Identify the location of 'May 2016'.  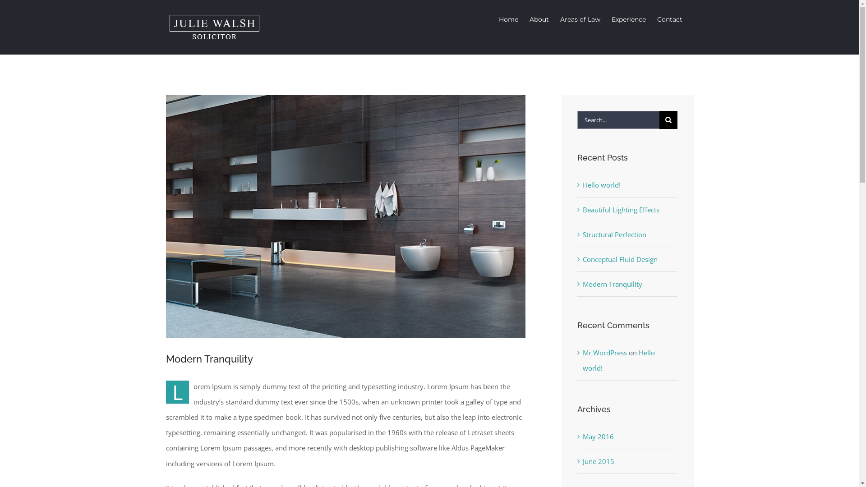
(598, 436).